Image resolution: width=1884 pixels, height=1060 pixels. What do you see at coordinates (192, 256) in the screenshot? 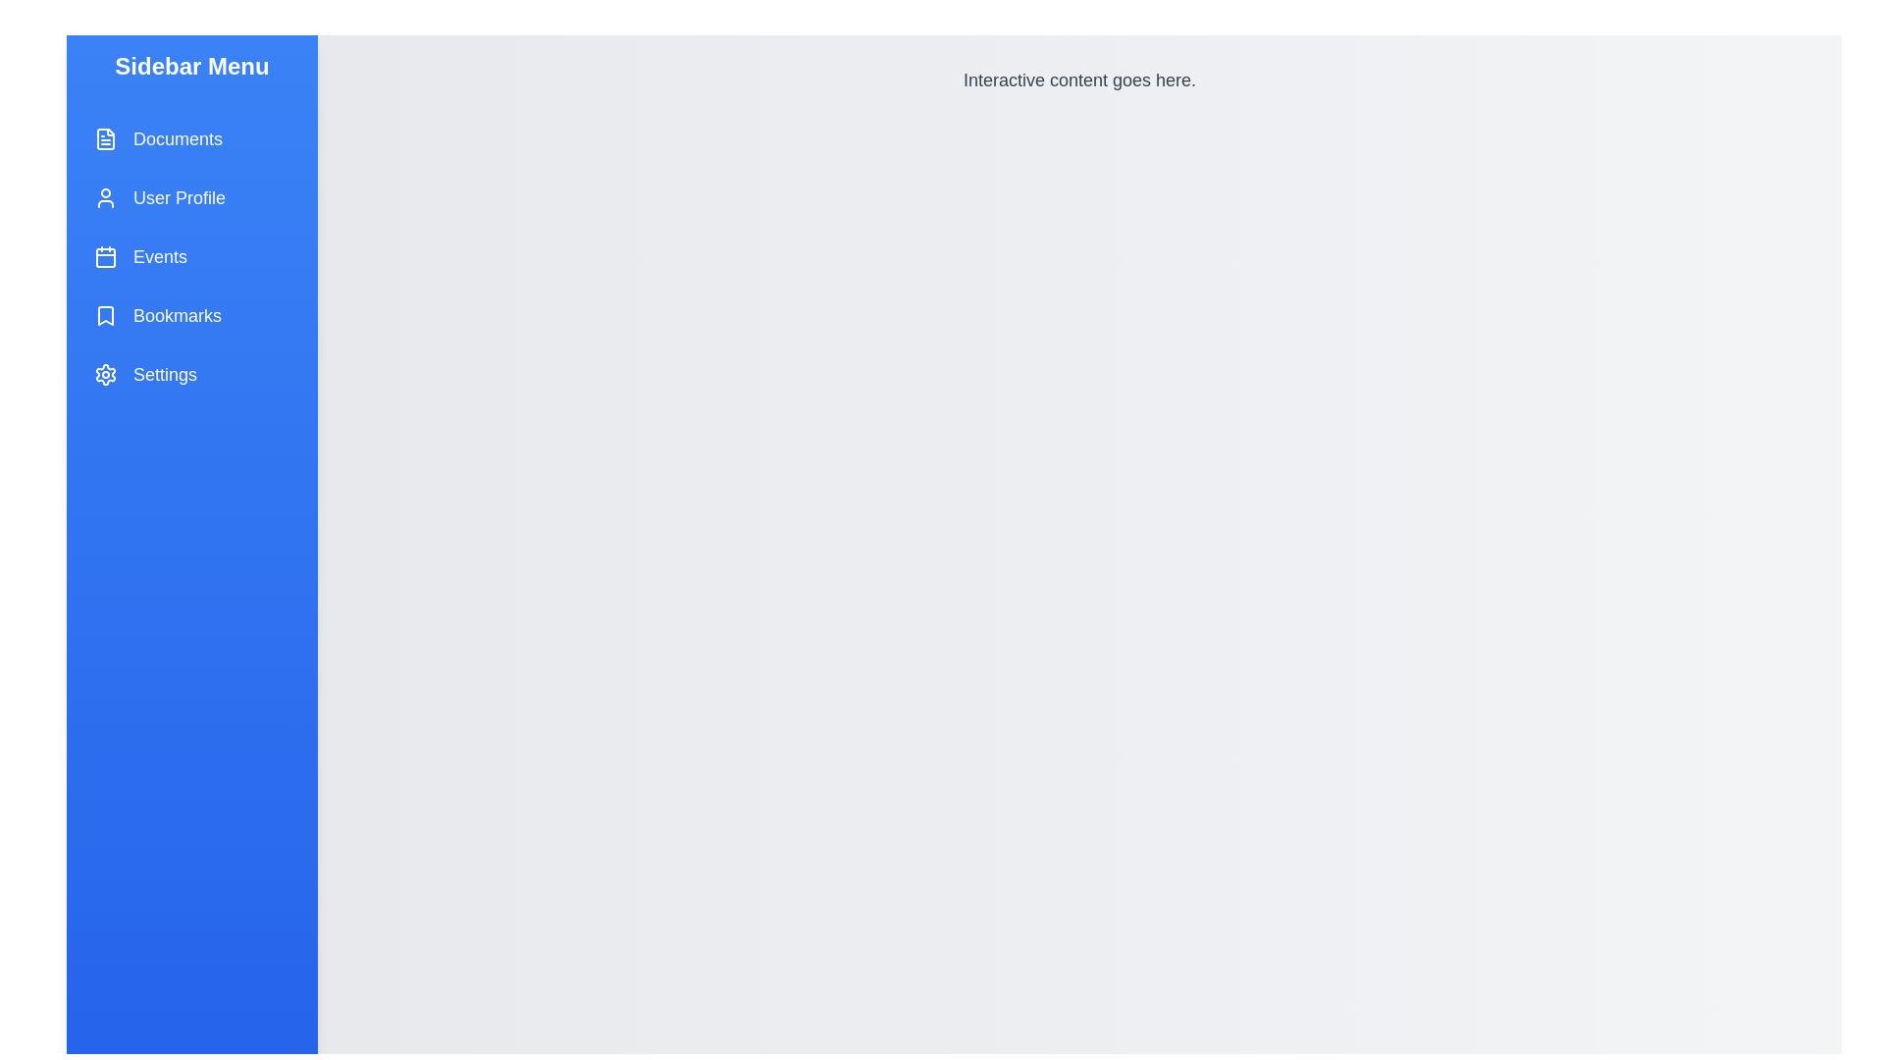
I see `the menu item labeled Events` at bounding box center [192, 256].